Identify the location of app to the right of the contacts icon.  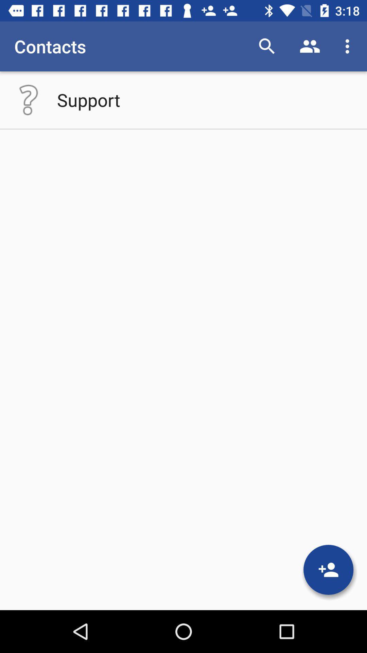
(267, 46).